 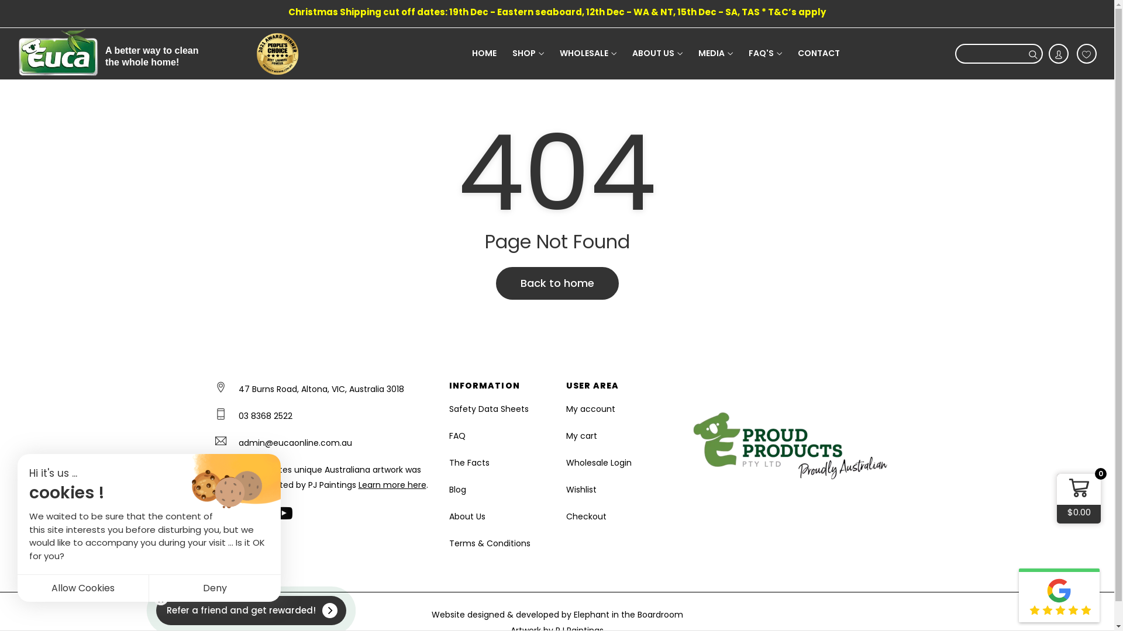 I want to click on 'Blog', so click(x=499, y=489).